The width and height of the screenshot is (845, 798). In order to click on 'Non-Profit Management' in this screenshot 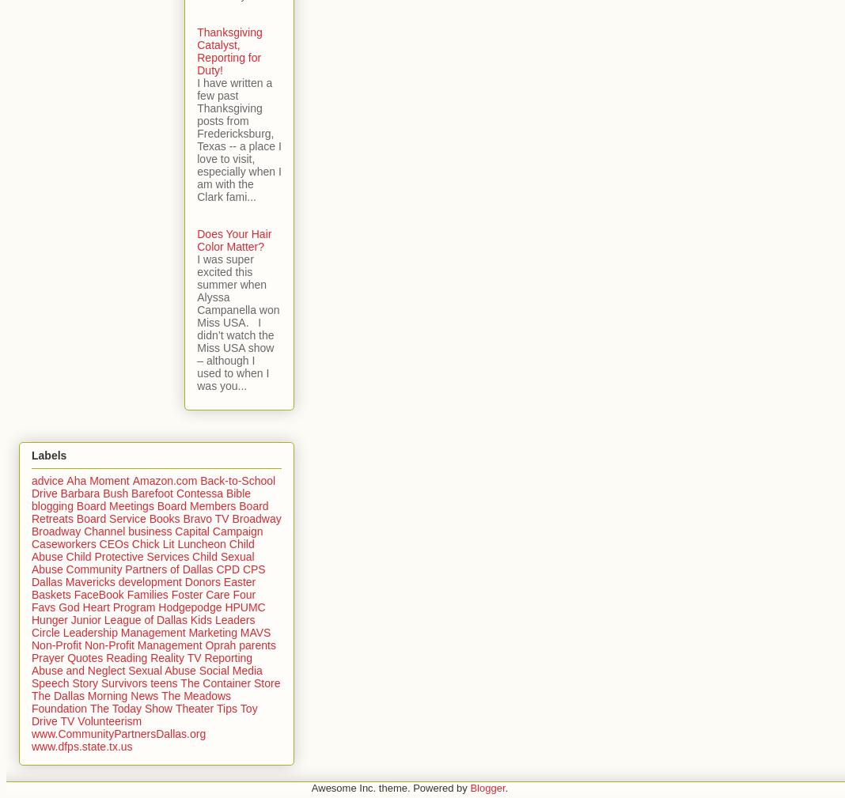, I will do `click(142, 645)`.